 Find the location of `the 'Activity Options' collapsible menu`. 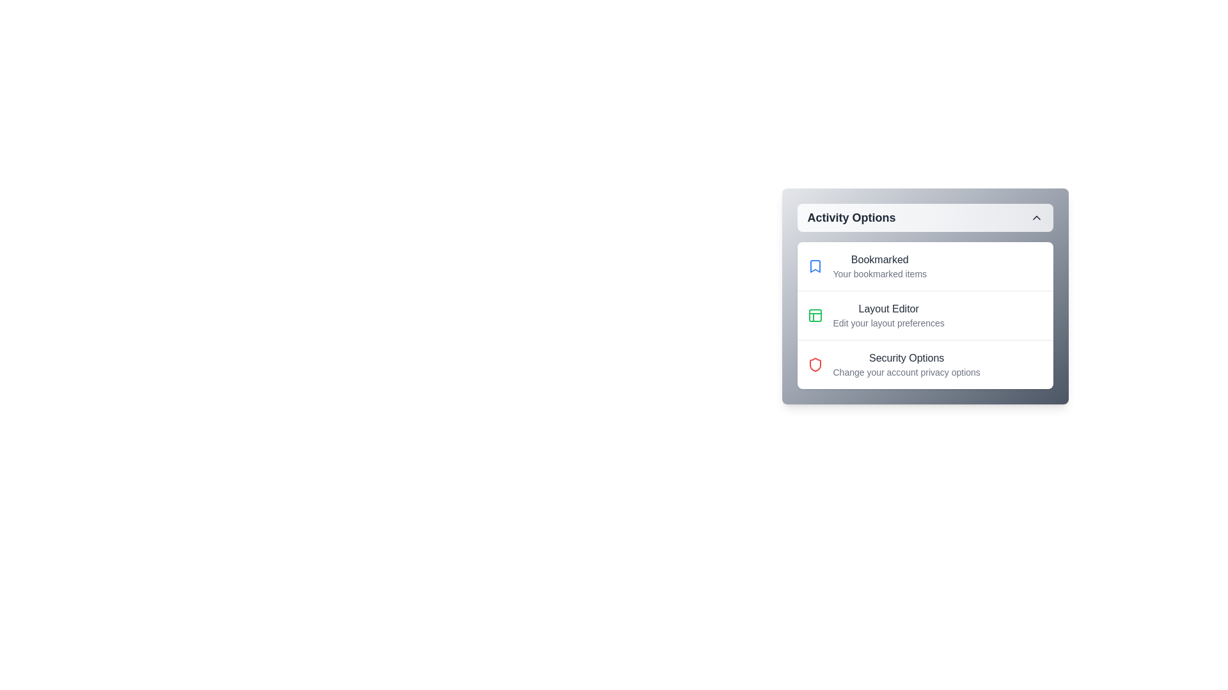

the 'Activity Options' collapsible menu is located at coordinates (925, 296).